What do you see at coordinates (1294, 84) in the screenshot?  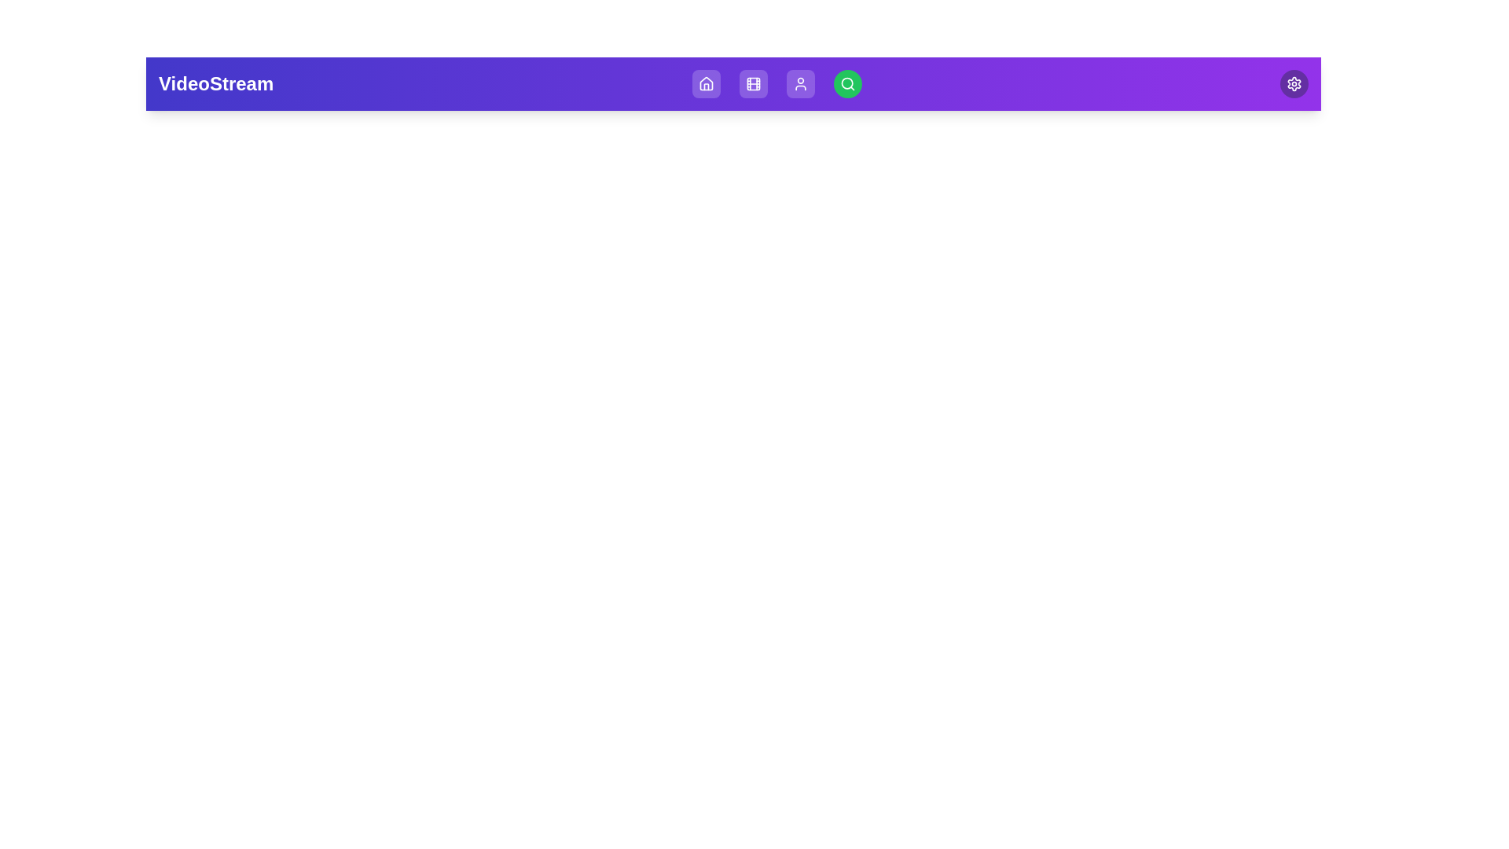 I see `the settings button located at the top-right corner of the navigation bar` at bounding box center [1294, 84].